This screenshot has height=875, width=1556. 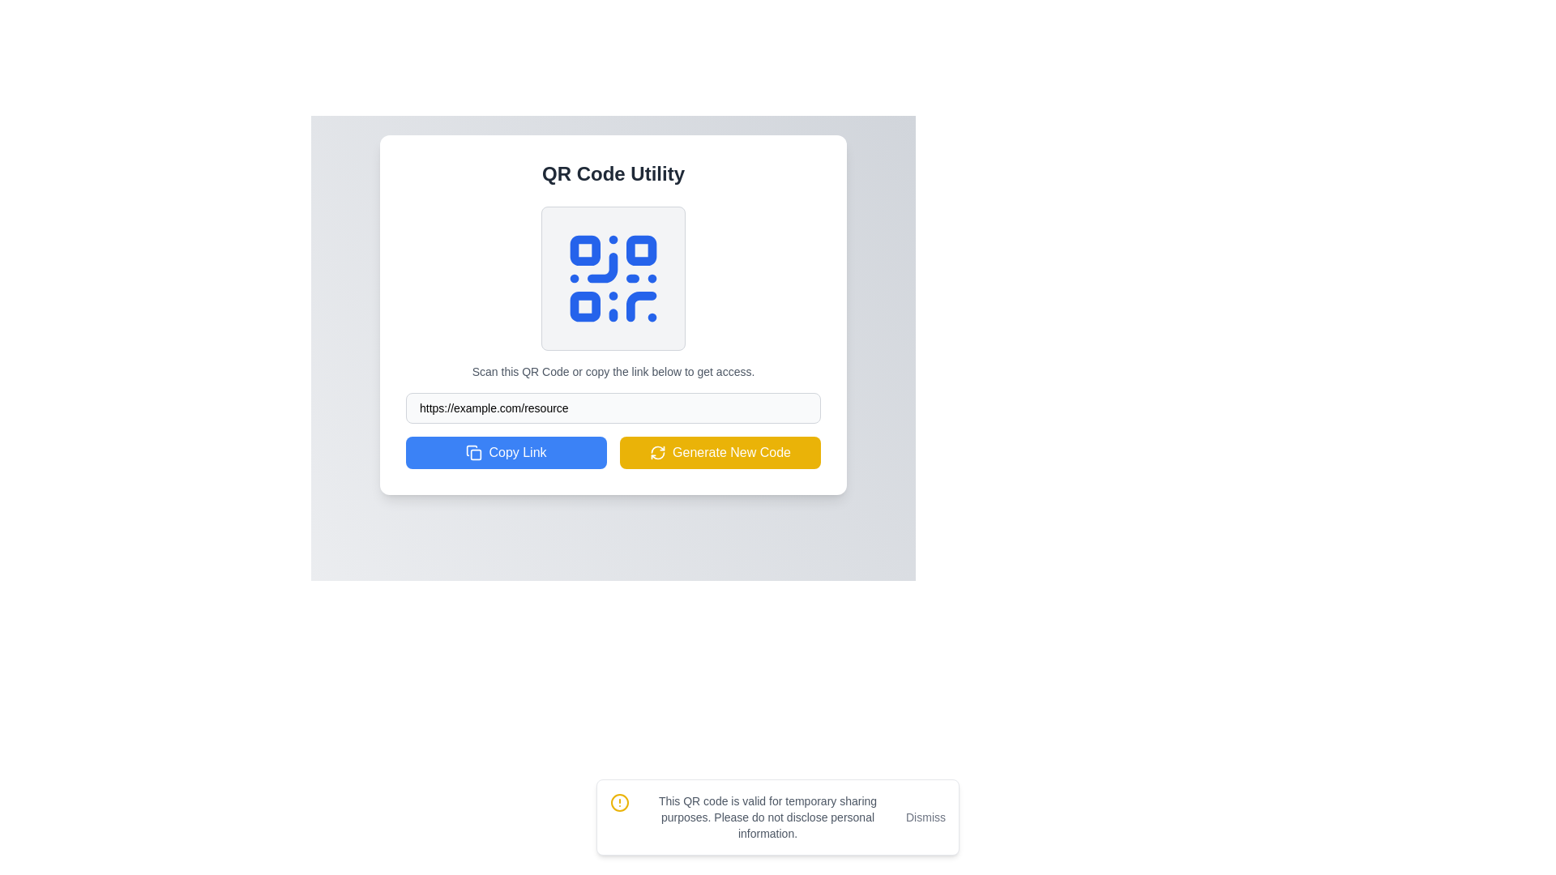 What do you see at coordinates (505, 453) in the screenshot?
I see `the rectangular button with rounded corners, blue background, and white text labeled 'Copy Link' to copy the link` at bounding box center [505, 453].